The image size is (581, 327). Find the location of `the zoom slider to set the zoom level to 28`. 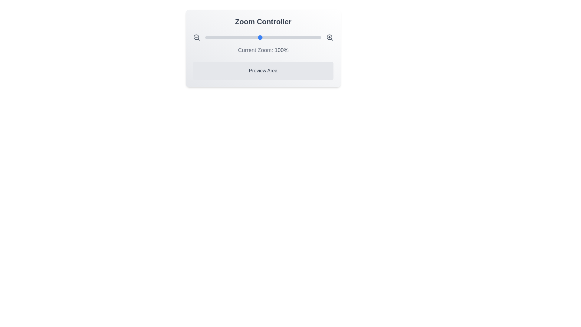

the zoom slider to set the zoom level to 28 is located at coordinates (216, 37).